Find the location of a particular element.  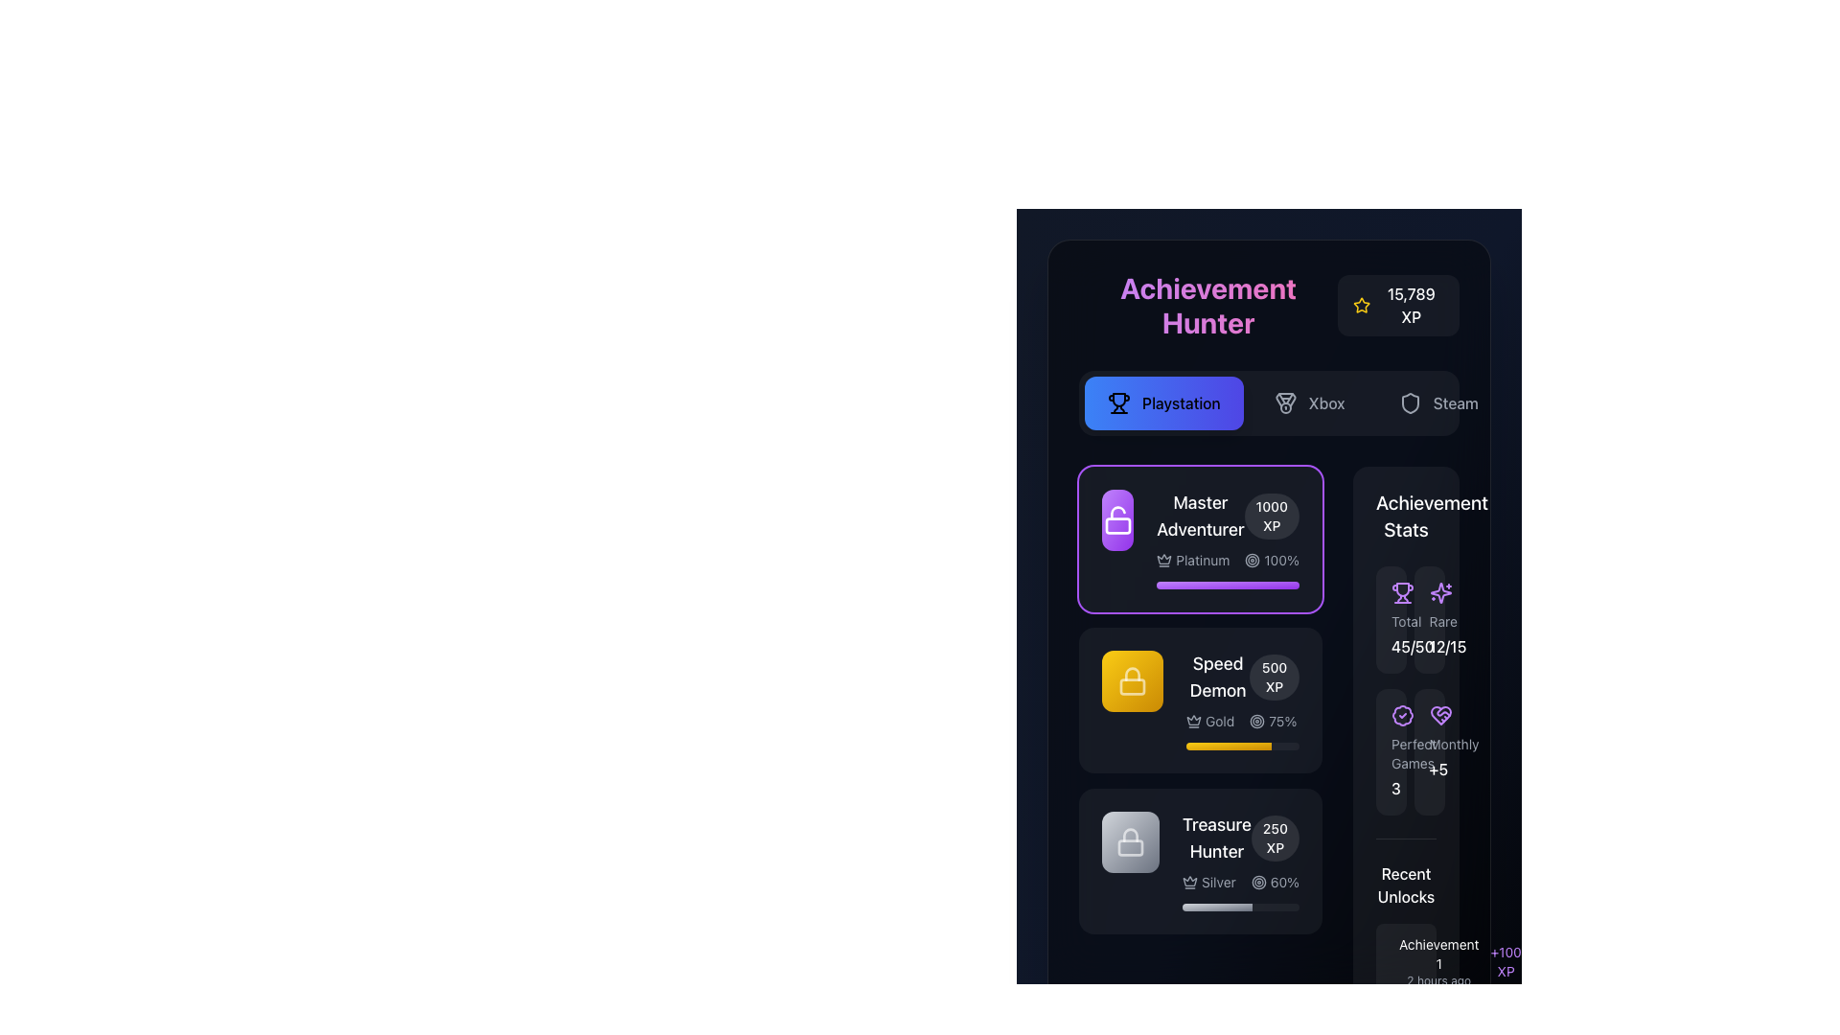

the 'Speed Demon' achievement card, which is the second card in a vertical list of three is located at coordinates (1199, 701).